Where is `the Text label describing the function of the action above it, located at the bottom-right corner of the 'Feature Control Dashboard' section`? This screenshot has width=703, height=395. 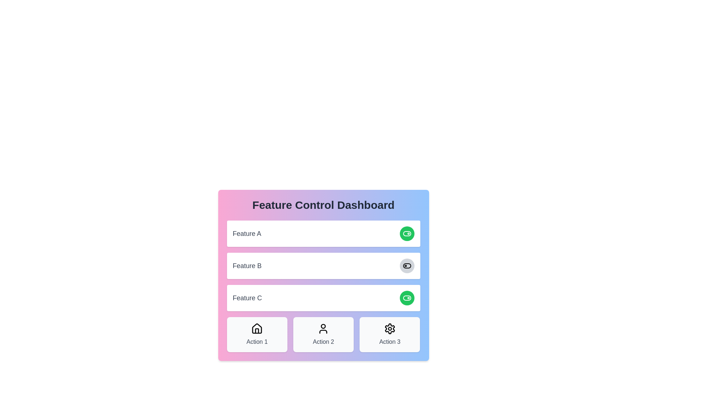
the Text label describing the function of the action above it, located at the bottom-right corner of the 'Feature Control Dashboard' section is located at coordinates (389, 342).